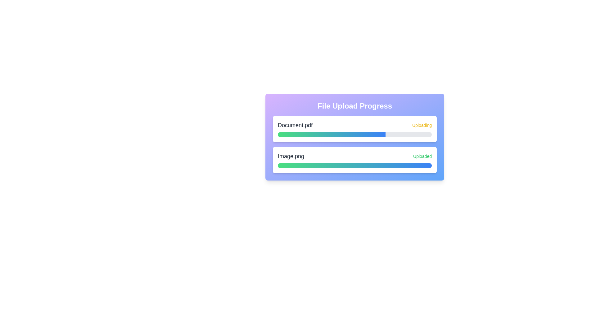 The image size is (596, 335). What do you see at coordinates (290, 156) in the screenshot?
I see `the text of the file name 'Image.png' for copying or highlighting` at bounding box center [290, 156].